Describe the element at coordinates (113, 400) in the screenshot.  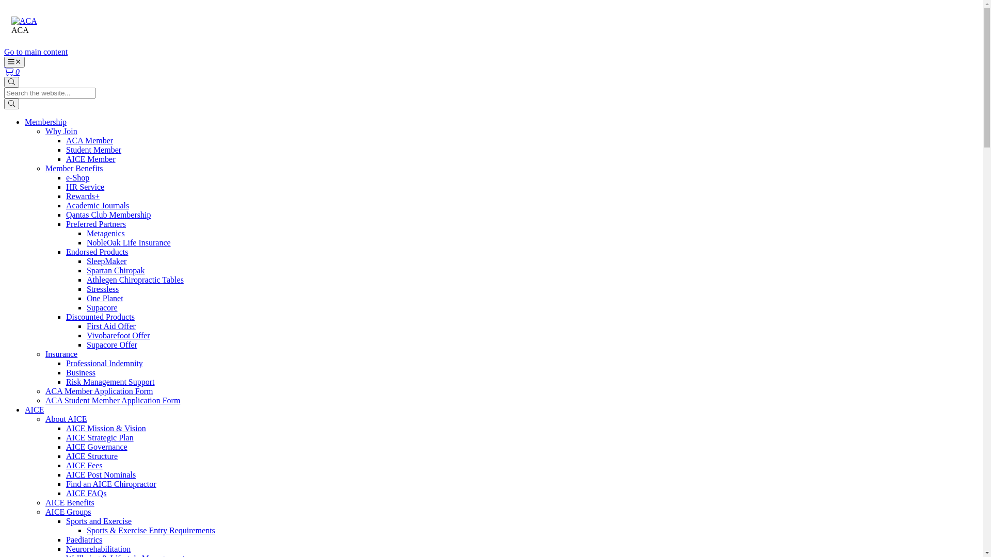
I see `'ACA Student Member Application Form'` at that location.